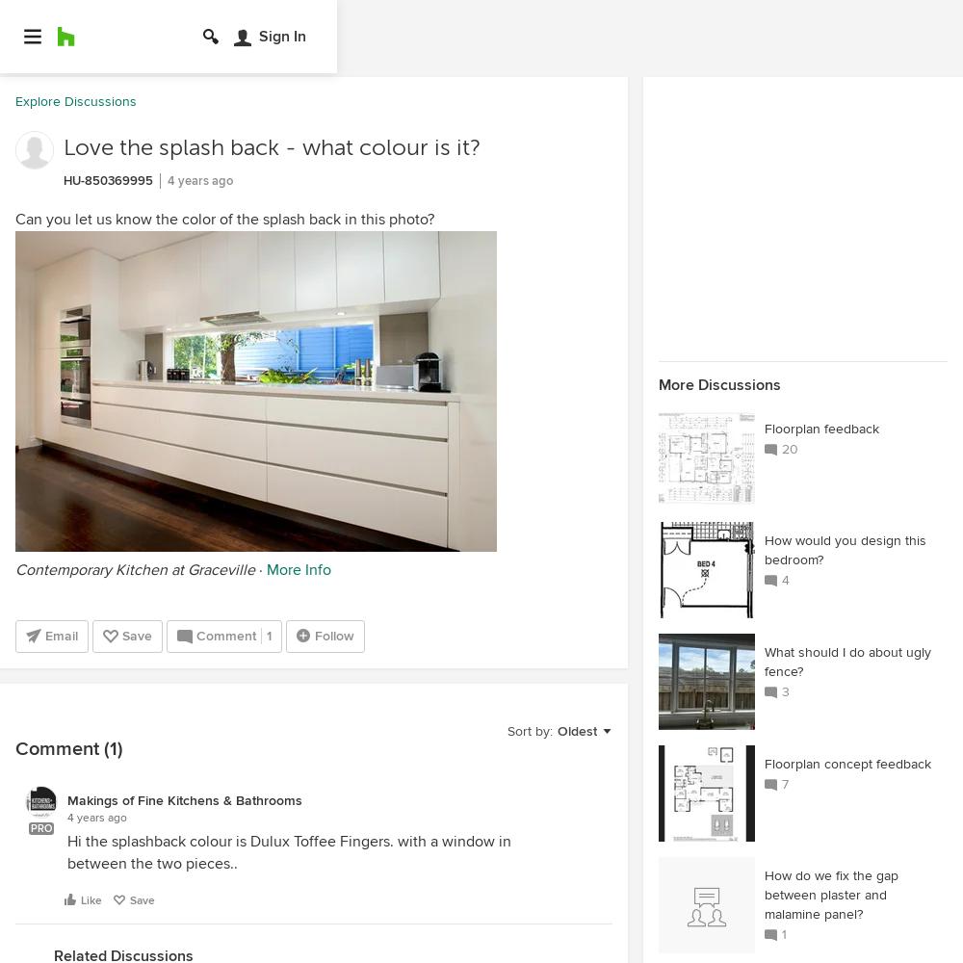  What do you see at coordinates (41, 827) in the screenshot?
I see `'PRO'` at bounding box center [41, 827].